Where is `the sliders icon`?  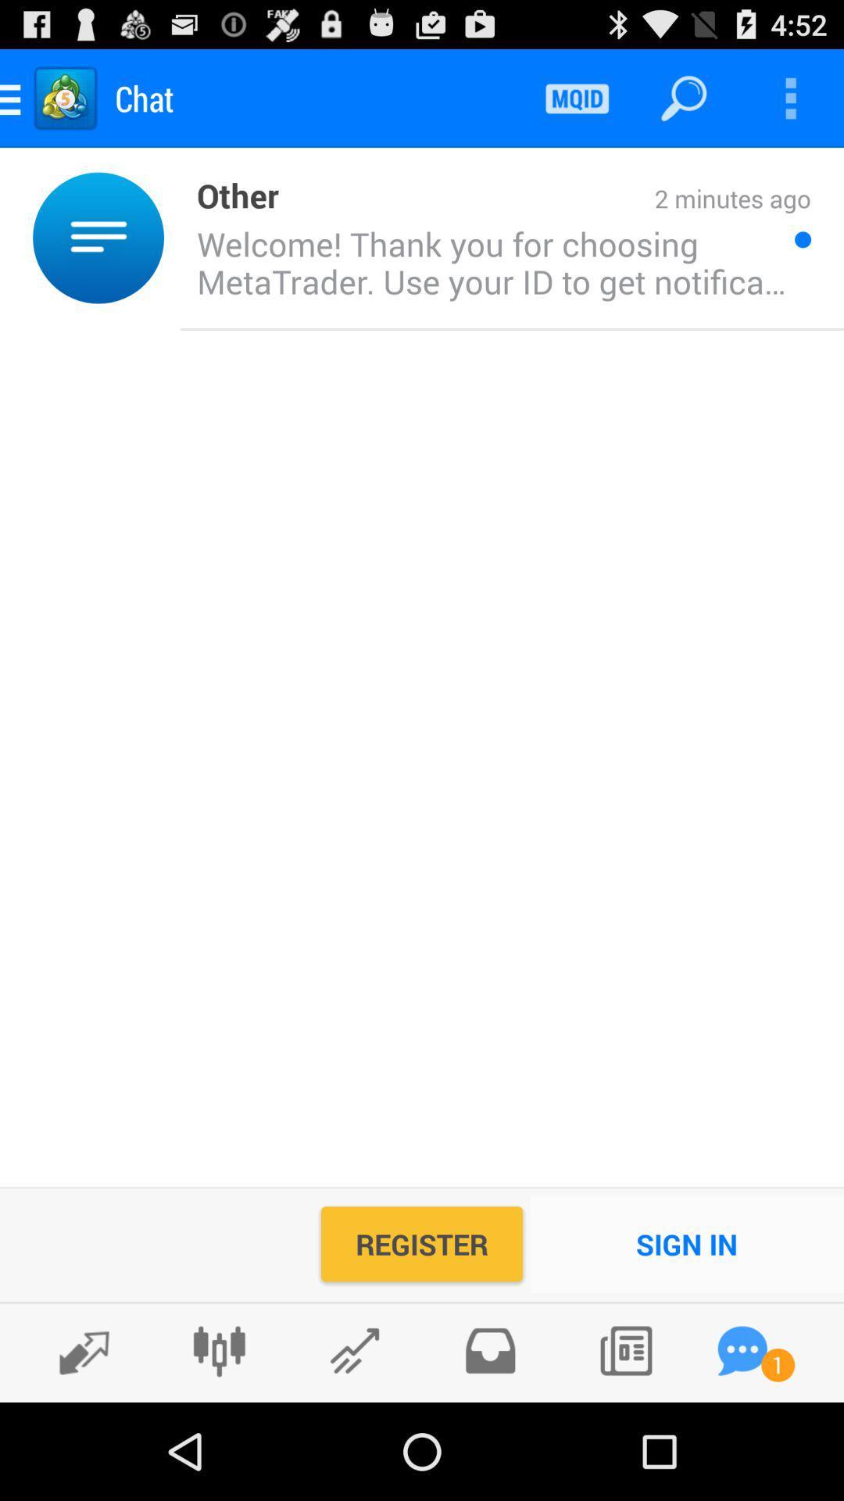
the sliders icon is located at coordinates (219, 1445).